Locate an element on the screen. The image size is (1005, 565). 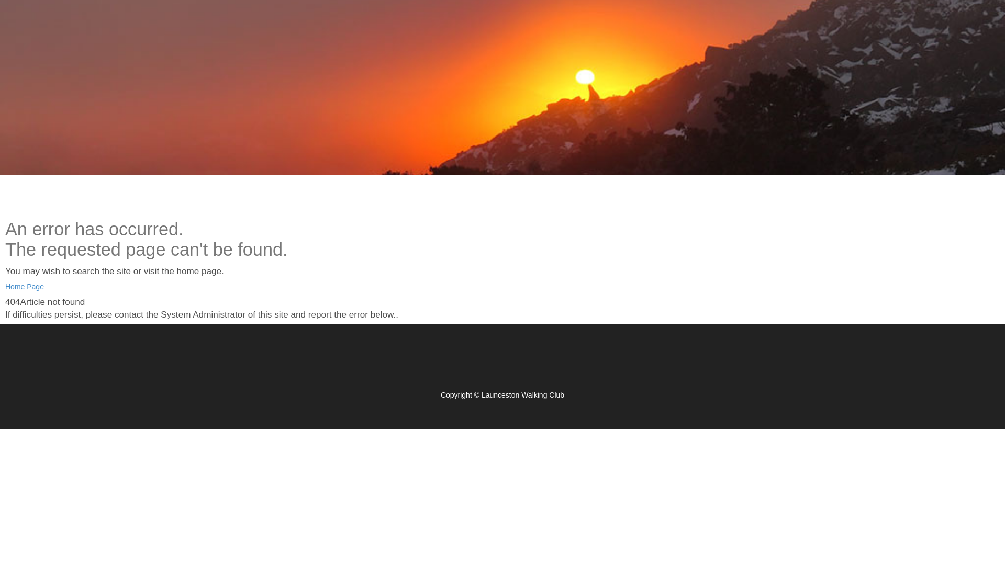
'Home Page' is located at coordinates (25, 286).